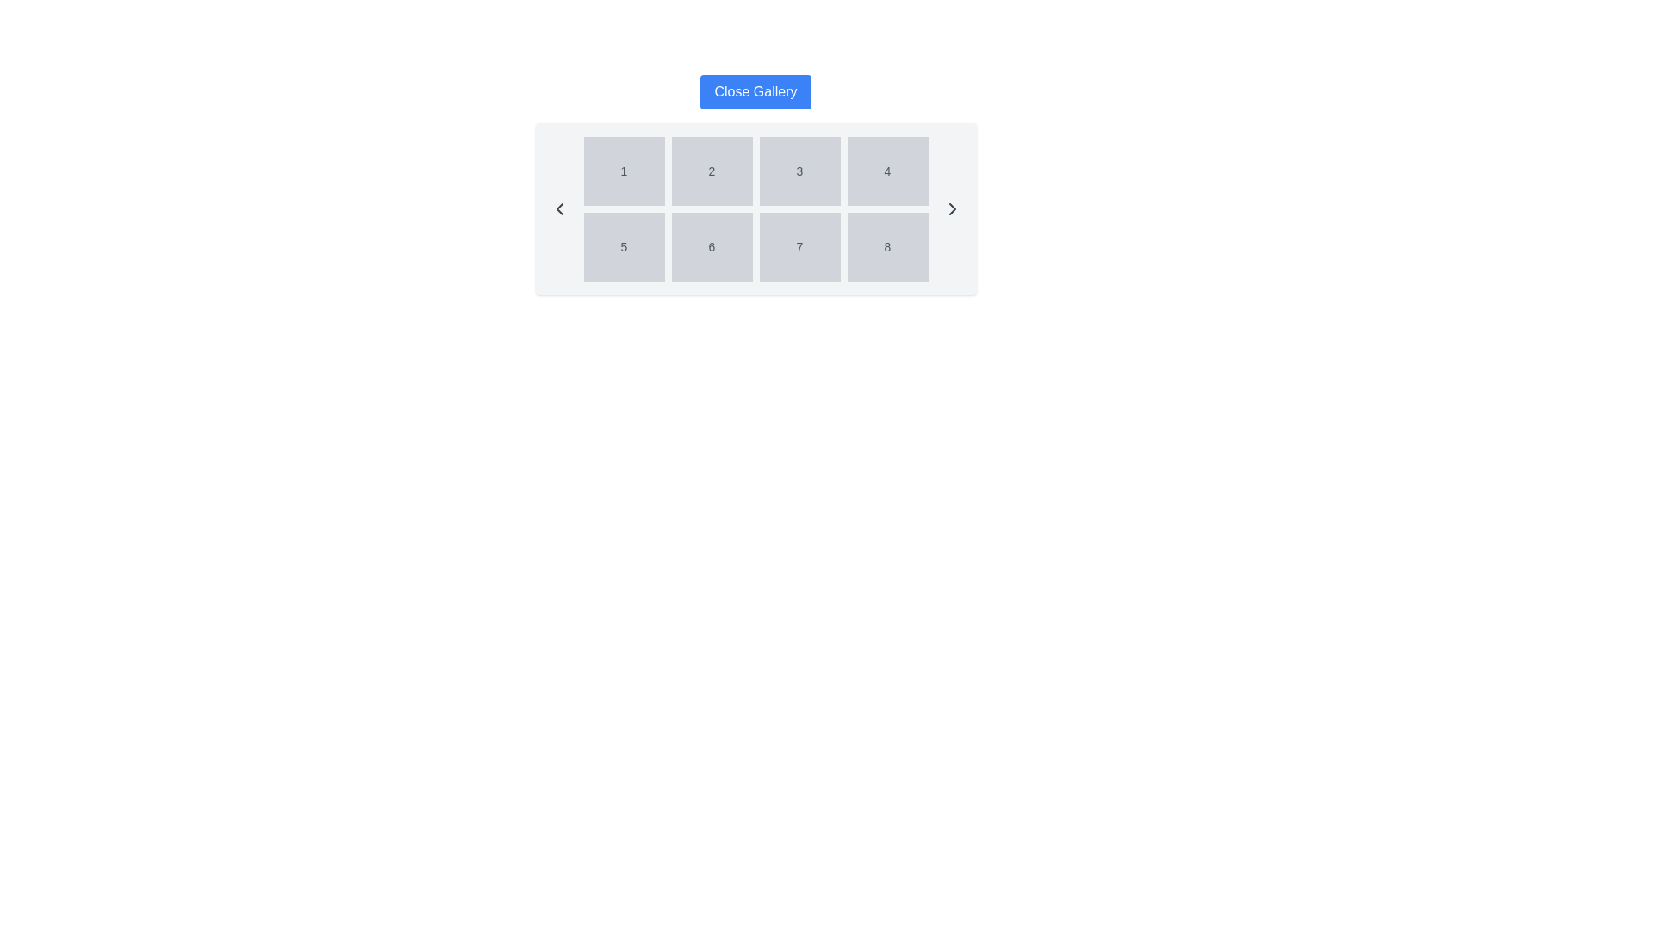 Image resolution: width=1654 pixels, height=930 pixels. Describe the element at coordinates (712, 246) in the screenshot. I see `the button labeled '6' with a light gray background in the second row, second column of the grid` at that location.